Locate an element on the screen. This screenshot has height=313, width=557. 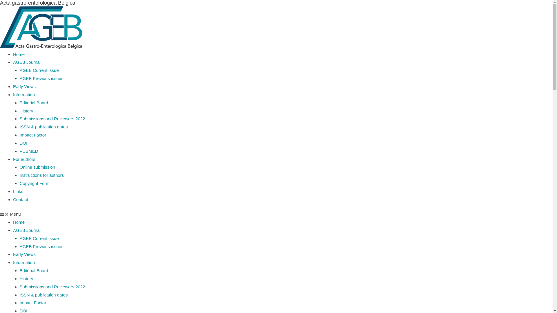
'AGEB Previous issues' is located at coordinates (41, 78).